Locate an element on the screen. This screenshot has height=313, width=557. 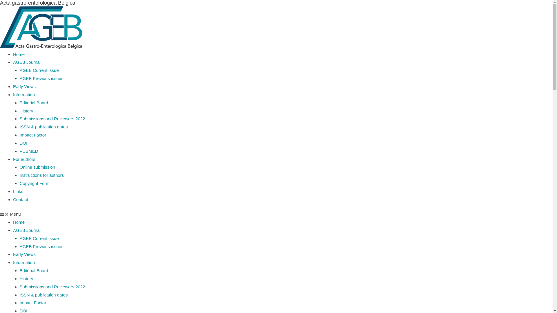
'AGEB Previous issues' is located at coordinates (41, 78).